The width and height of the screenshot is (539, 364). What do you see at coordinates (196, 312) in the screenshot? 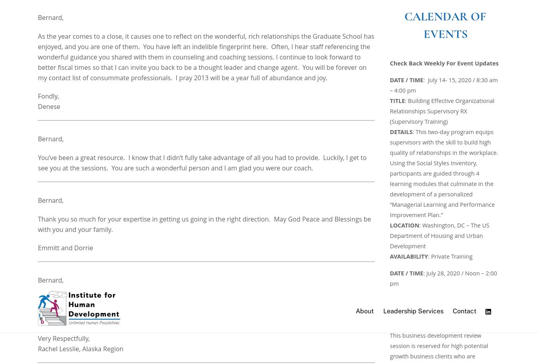
I see `'Leadership Services'` at bounding box center [196, 312].